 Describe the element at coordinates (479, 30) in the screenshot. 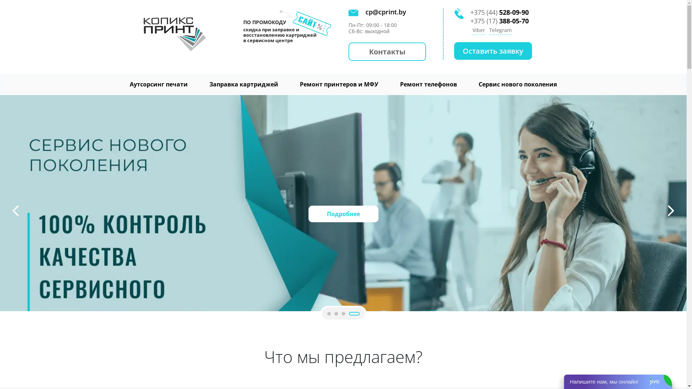

I see `'Viber'` at that location.